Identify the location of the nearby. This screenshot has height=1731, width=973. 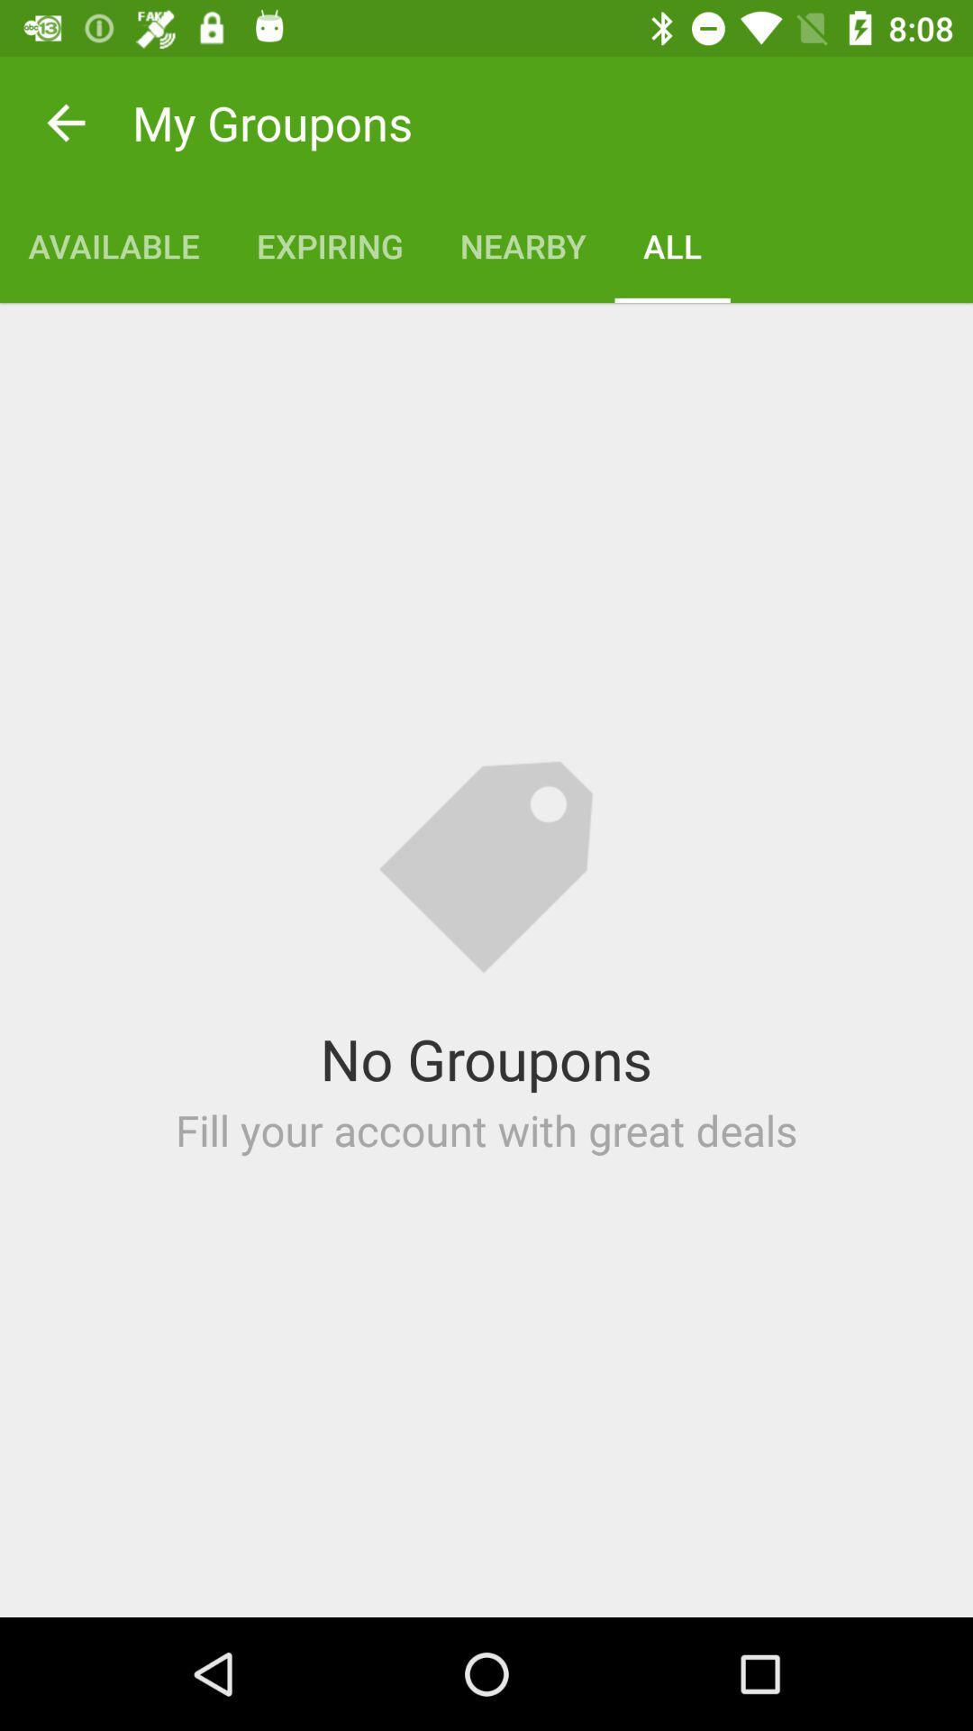
(523, 245).